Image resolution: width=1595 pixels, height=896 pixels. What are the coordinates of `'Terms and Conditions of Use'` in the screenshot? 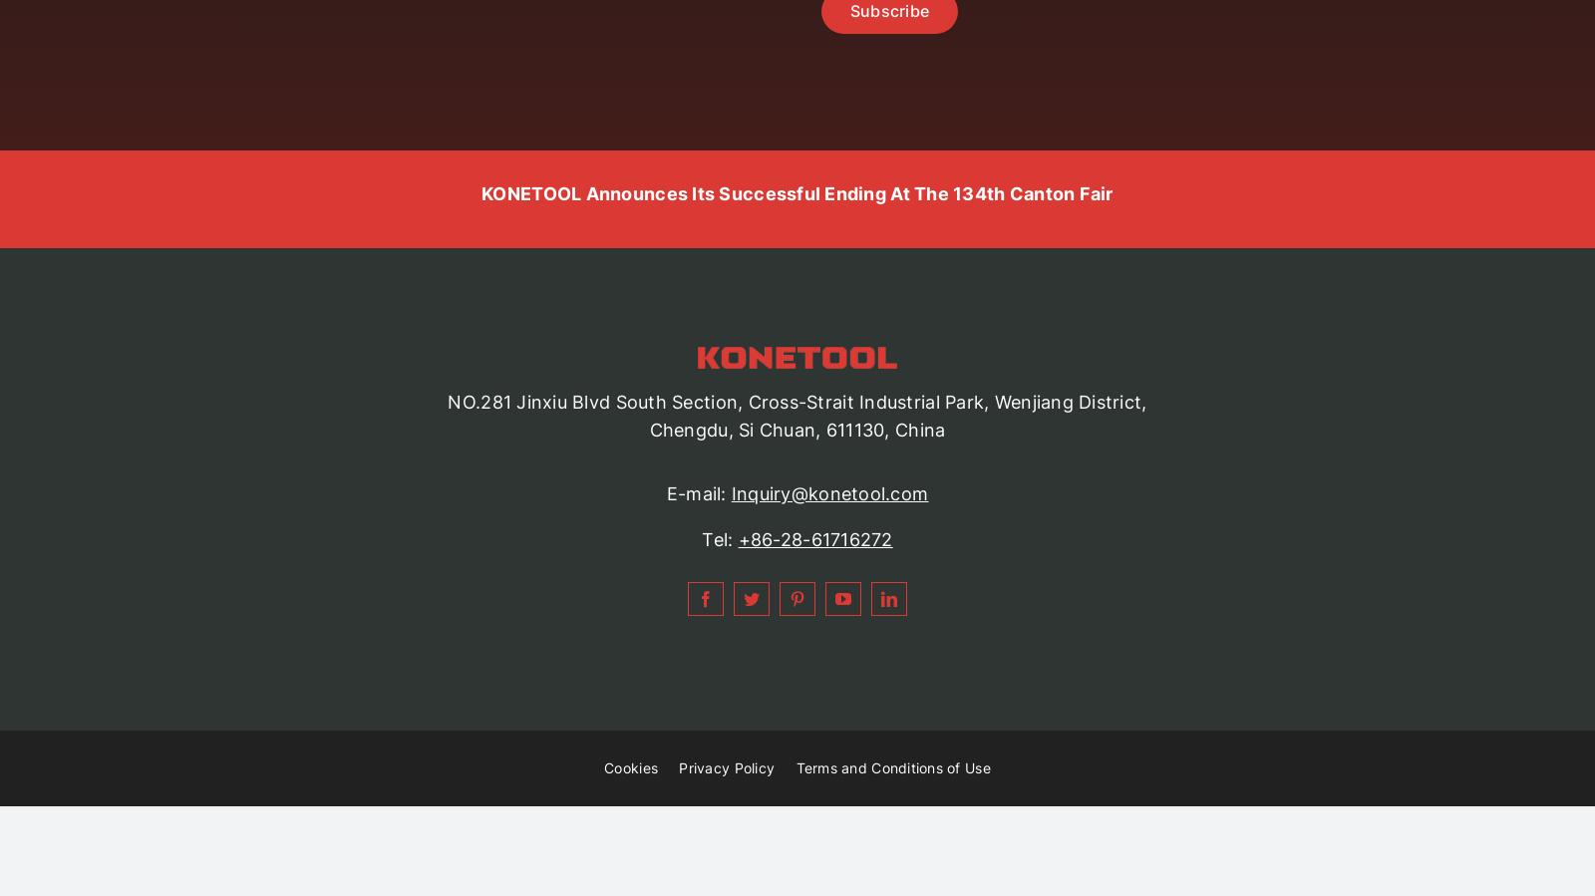 It's located at (796, 767).